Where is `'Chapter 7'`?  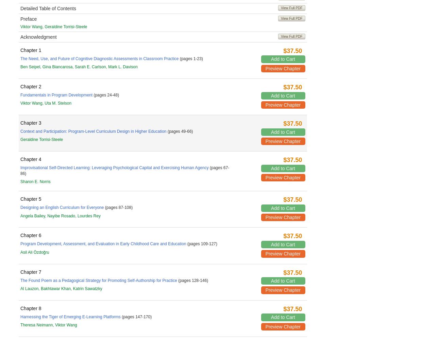 'Chapter 7' is located at coordinates (20, 271).